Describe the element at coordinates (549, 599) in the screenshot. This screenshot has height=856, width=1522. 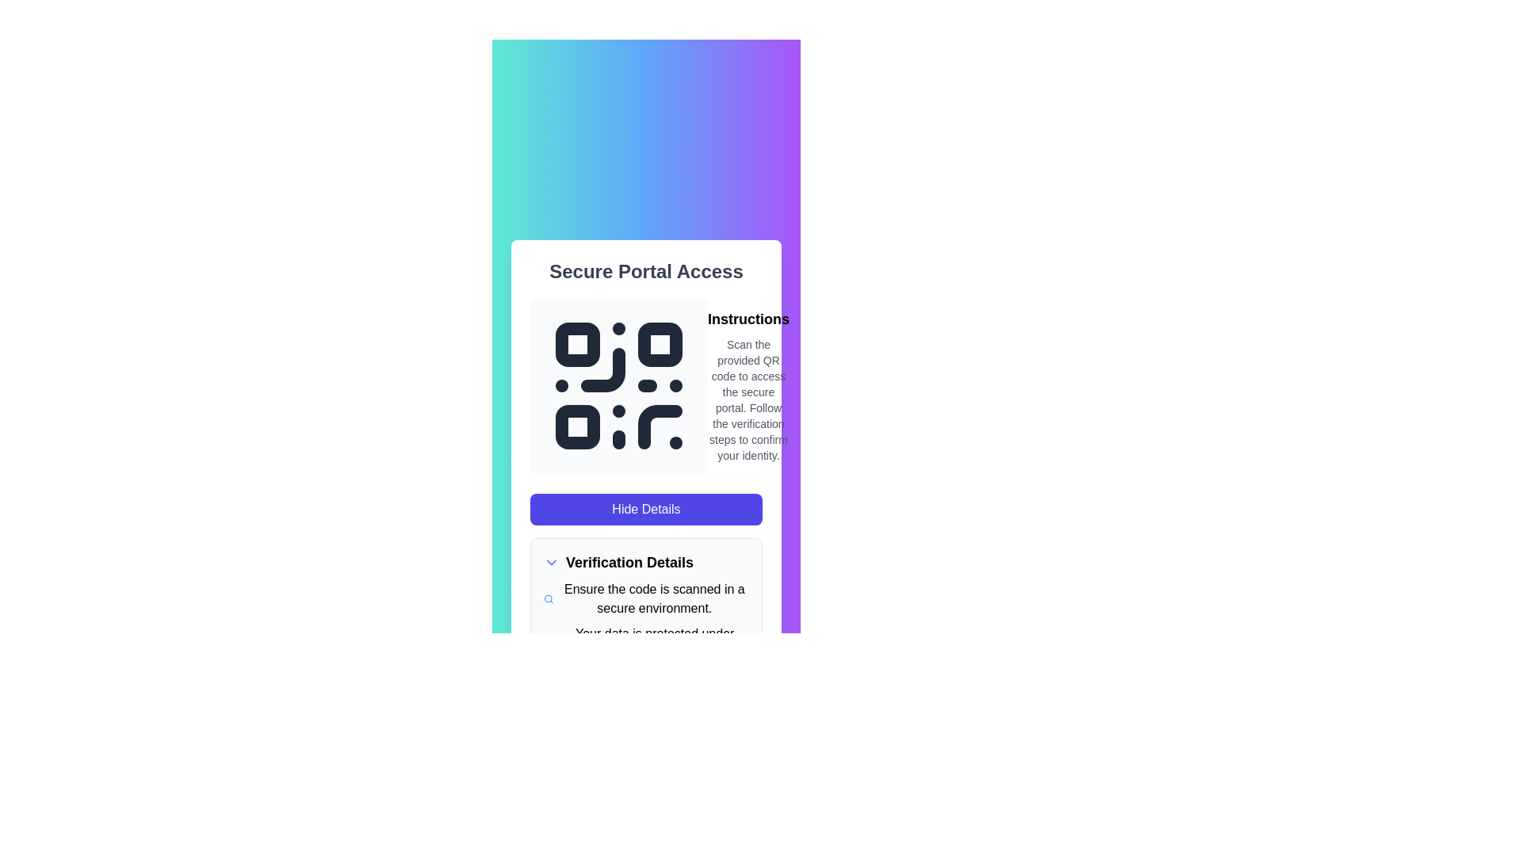
I see `the search icon located in the verification details section, which is positioned to the left of the descriptive text` at that location.